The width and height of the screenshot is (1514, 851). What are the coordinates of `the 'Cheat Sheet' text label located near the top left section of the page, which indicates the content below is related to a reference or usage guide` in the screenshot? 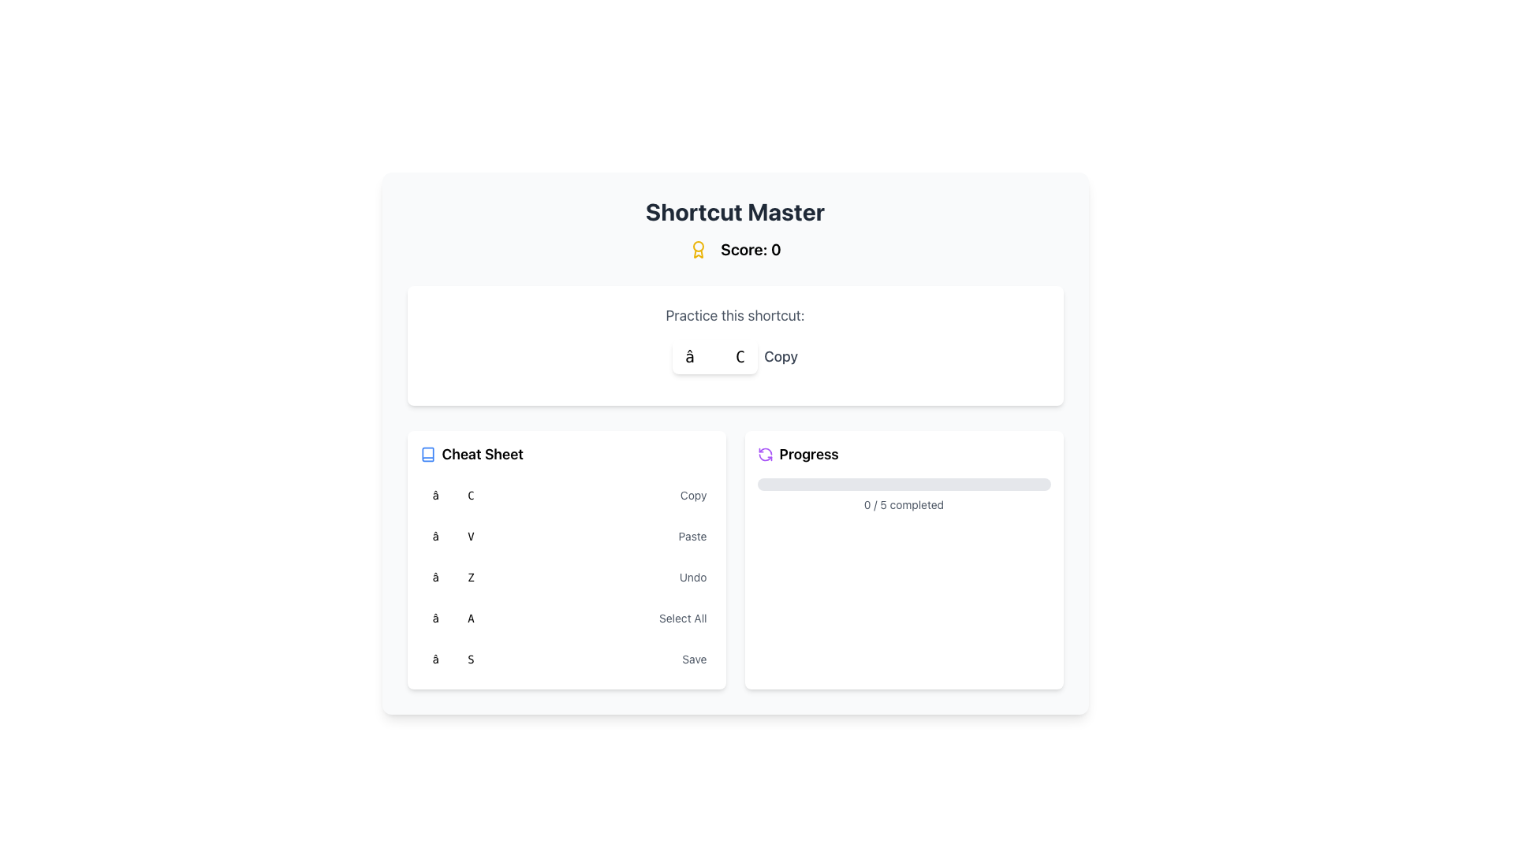 It's located at (482, 455).